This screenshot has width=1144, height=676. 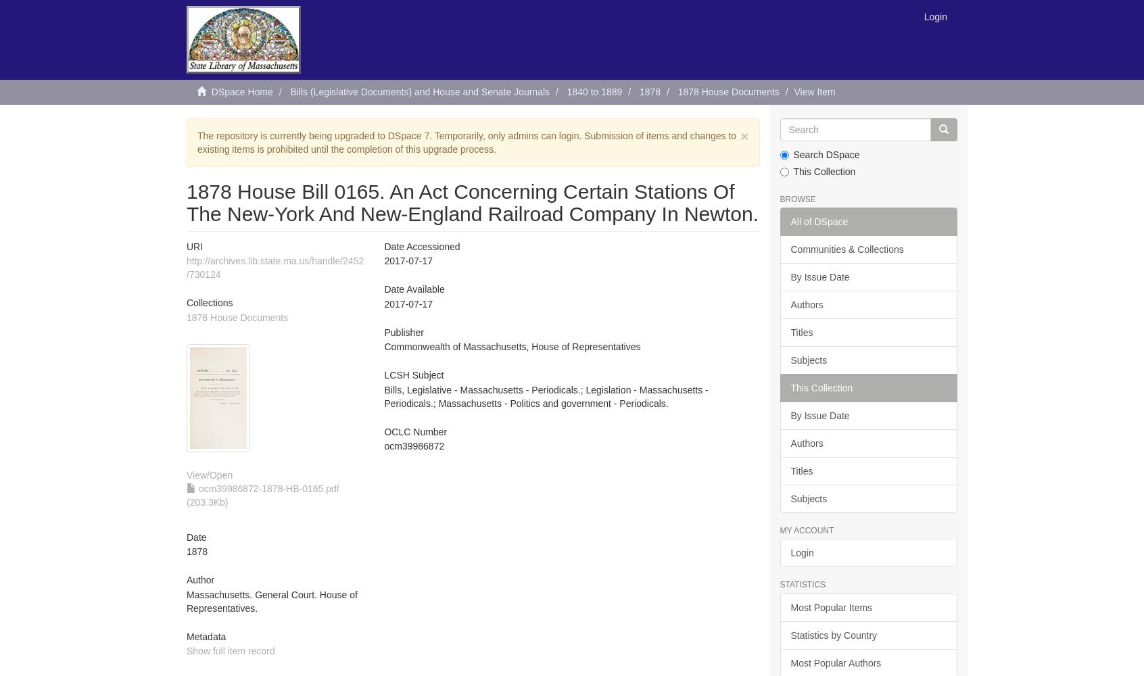 What do you see at coordinates (511, 347) in the screenshot?
I see `'Commonwealth of Massachusetts, House of Representatives'` at bounding box center [511, 347].